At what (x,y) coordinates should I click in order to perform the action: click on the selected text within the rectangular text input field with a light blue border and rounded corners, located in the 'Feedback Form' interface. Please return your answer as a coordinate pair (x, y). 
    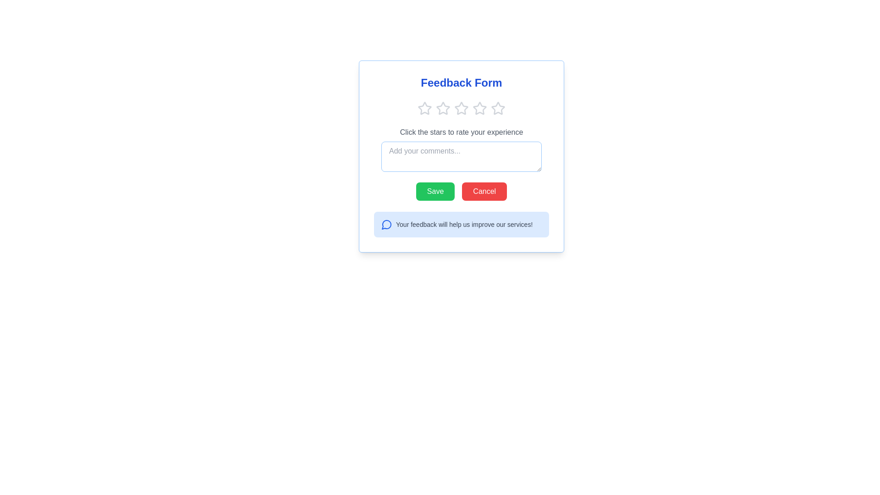
    Looking at the image, I should click on (462, 156).